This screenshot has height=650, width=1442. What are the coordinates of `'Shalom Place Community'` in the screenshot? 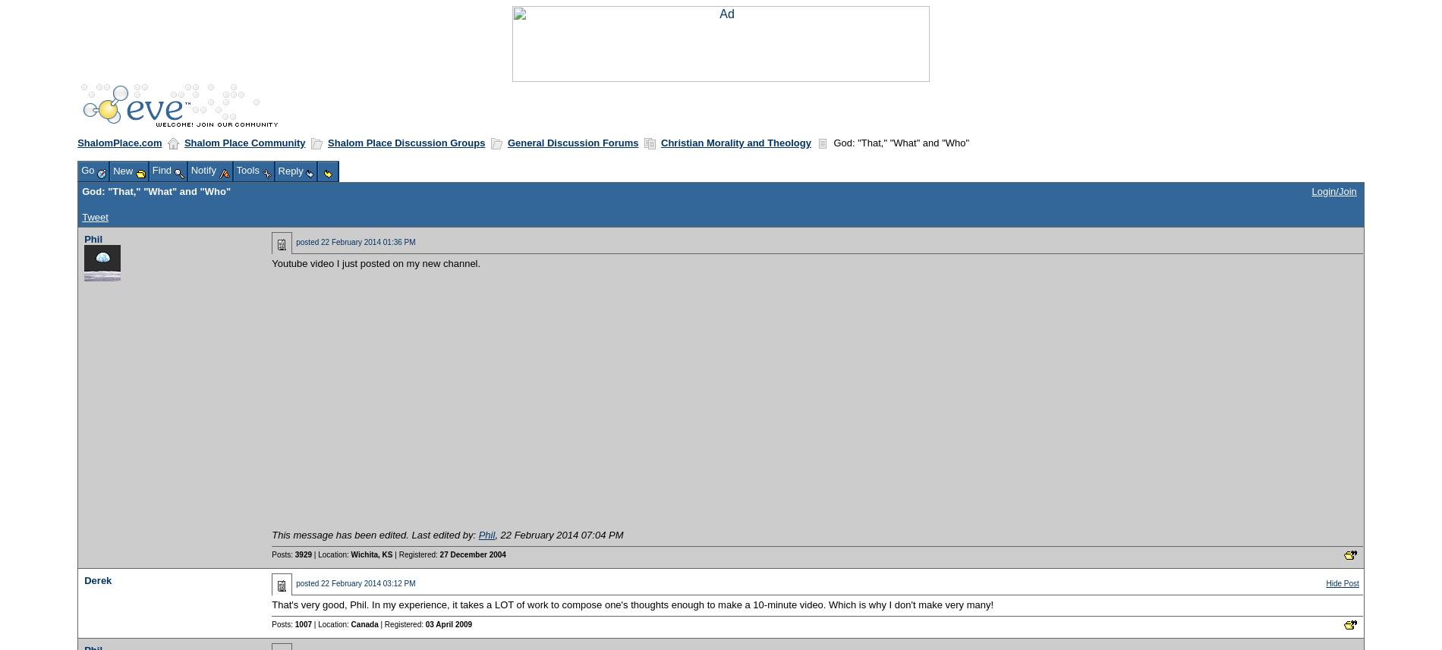 It's located at (244, 143).